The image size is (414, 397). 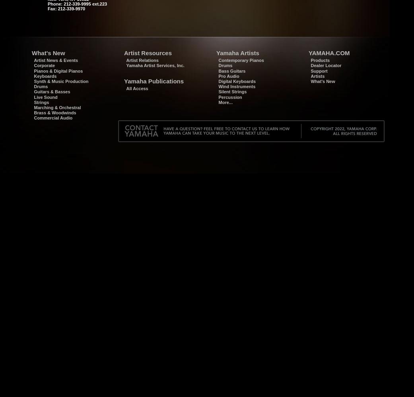 What do you see at coordinates (231, 71) in the screenshot?
I see `'Bass Guitars'` at bounding box center [231, 71].